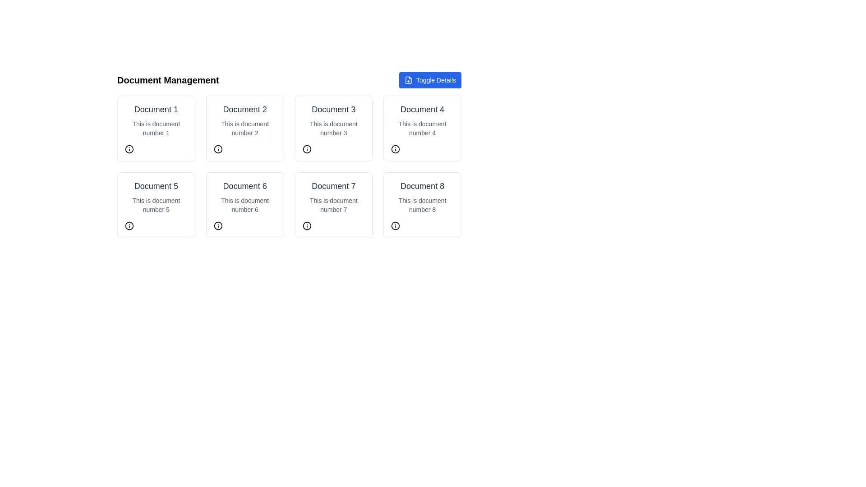  Describe the element at coordinates (129, 149) in the screenshot. I see `the information icon located in the bottom-right corner of the 'Document 1' card` at that location.